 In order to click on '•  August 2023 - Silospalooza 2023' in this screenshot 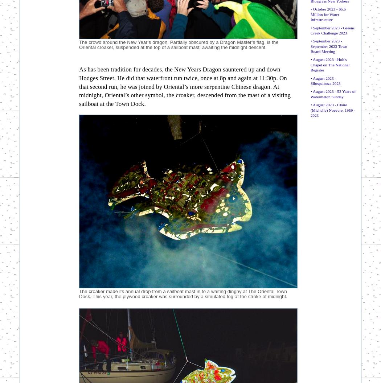, I will do `click(325, 80)`.